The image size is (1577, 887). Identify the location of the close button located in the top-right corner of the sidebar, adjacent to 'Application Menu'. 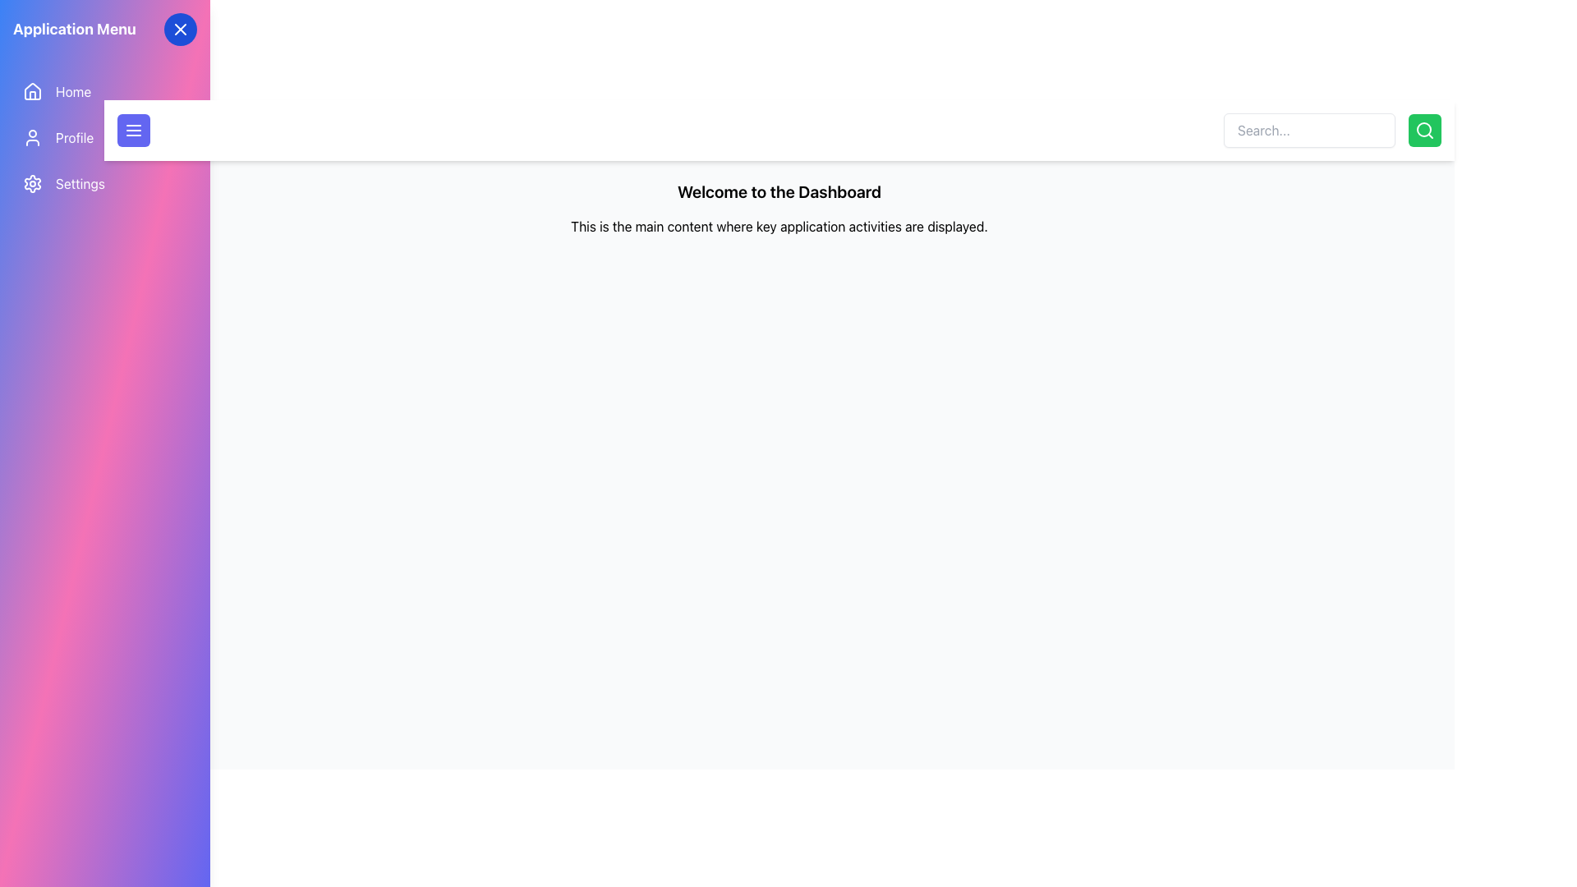
(181, 29).